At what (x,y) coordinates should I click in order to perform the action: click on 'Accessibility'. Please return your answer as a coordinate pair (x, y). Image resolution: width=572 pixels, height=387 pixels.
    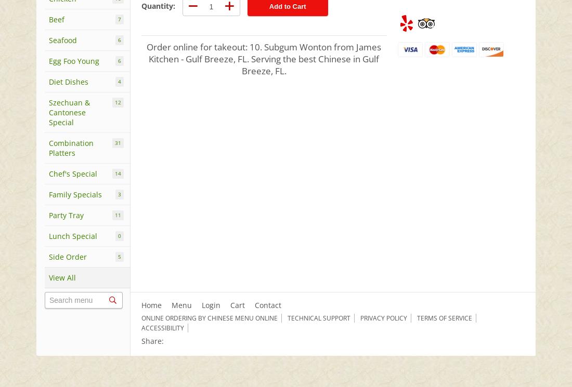
    Looking at the image, I should click on (161, 328).